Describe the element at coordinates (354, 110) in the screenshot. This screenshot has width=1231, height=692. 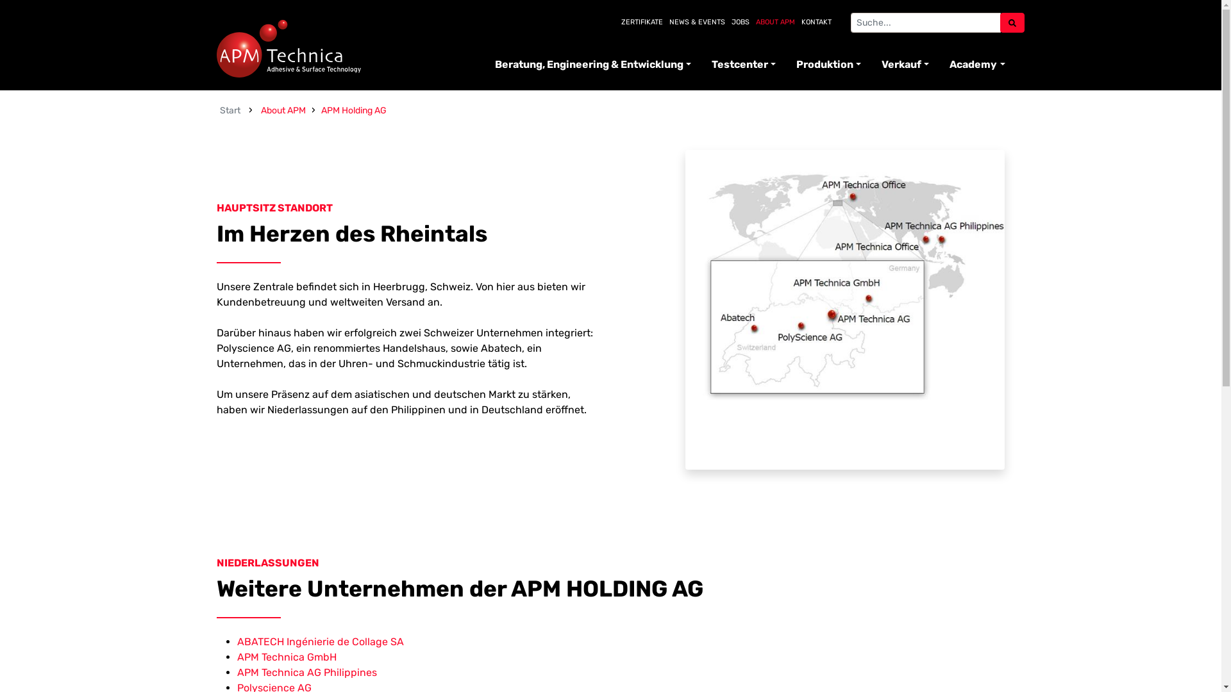
I see `'APM Holding AG'` at that location.